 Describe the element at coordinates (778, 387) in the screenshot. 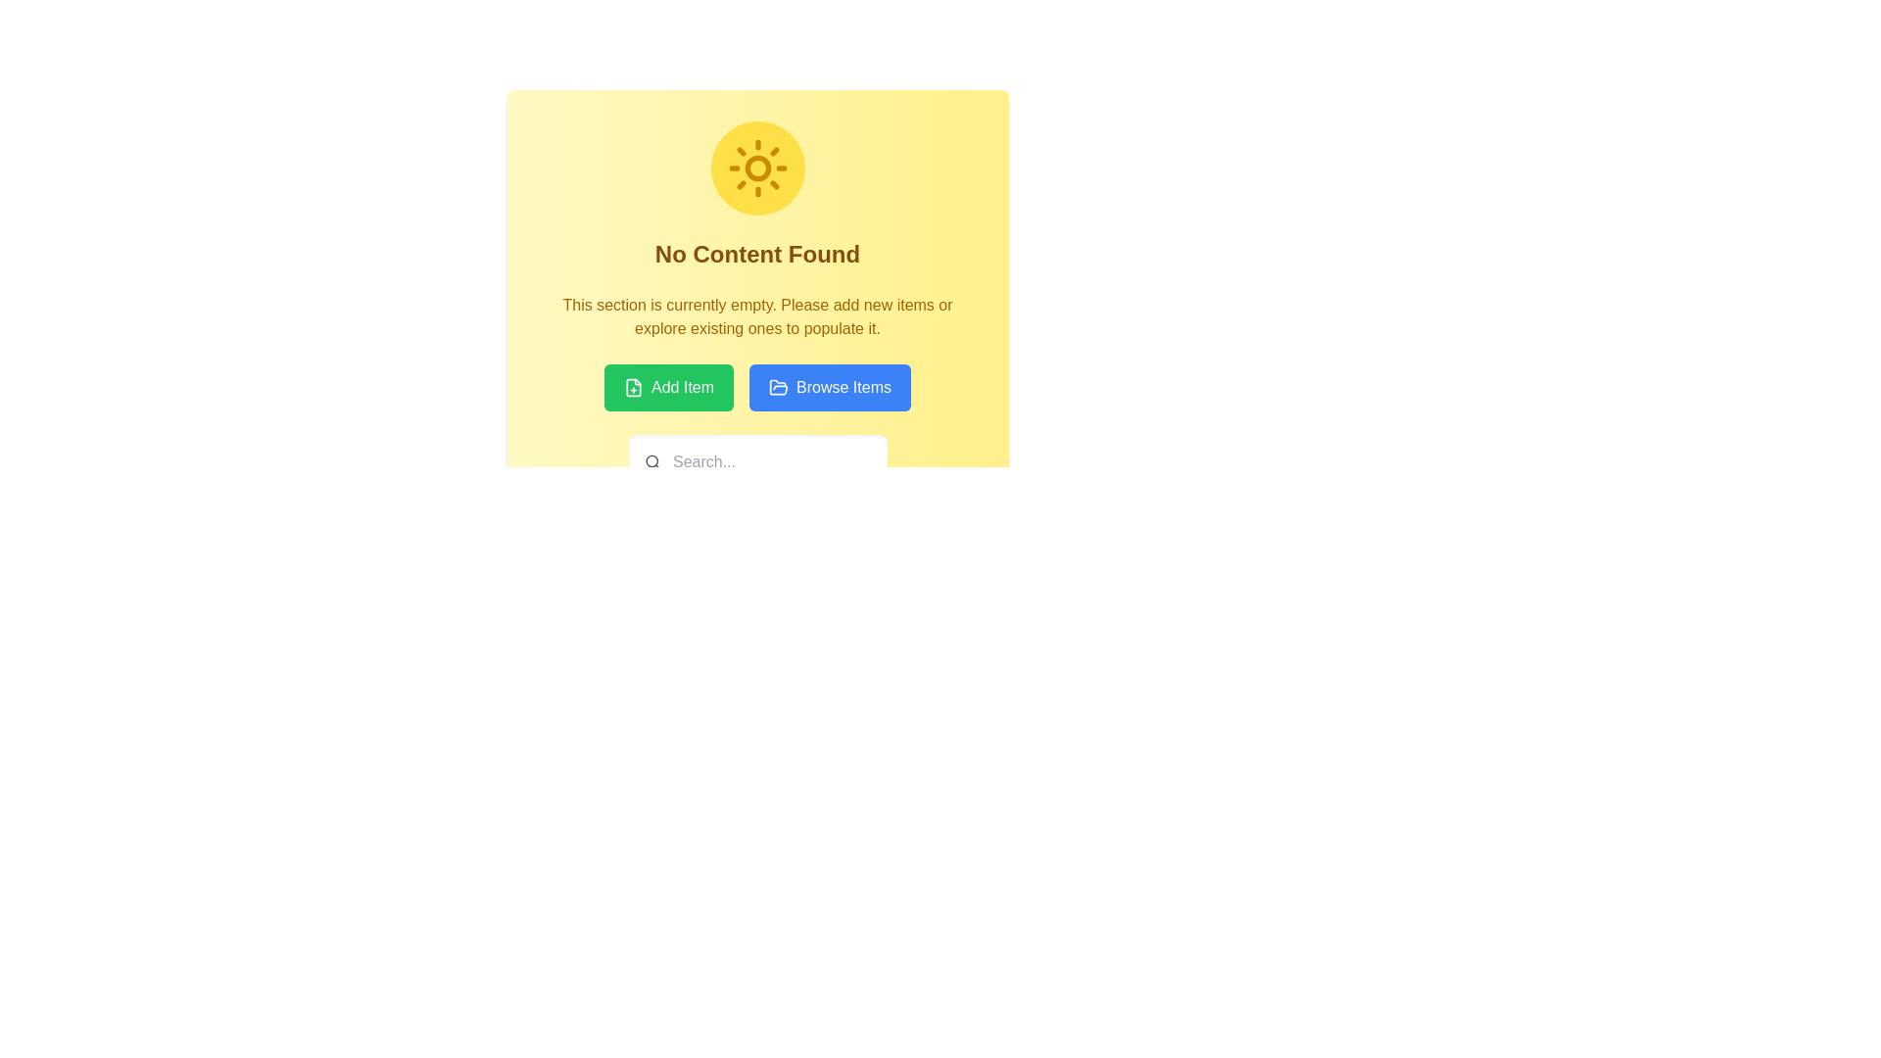

I see `the decorative graphical element of the open folder icon in the SVG image, located near the top-right area of its containing group` at that location.